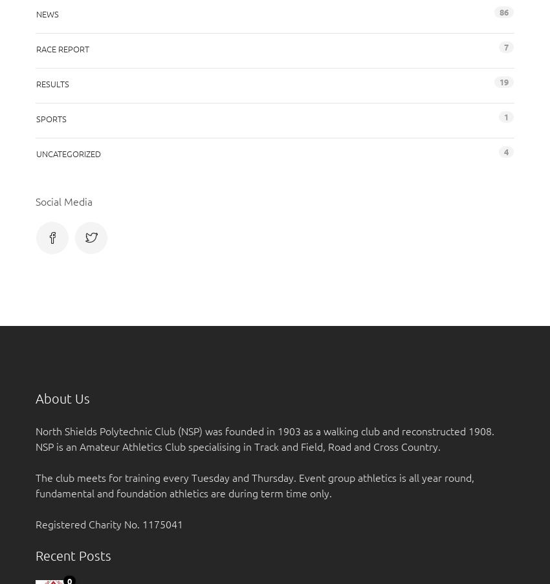  What do you see at coordinates (67, 153) in the screenshot?
I see `'Uncategorized'` at bounding box center [67, 153].